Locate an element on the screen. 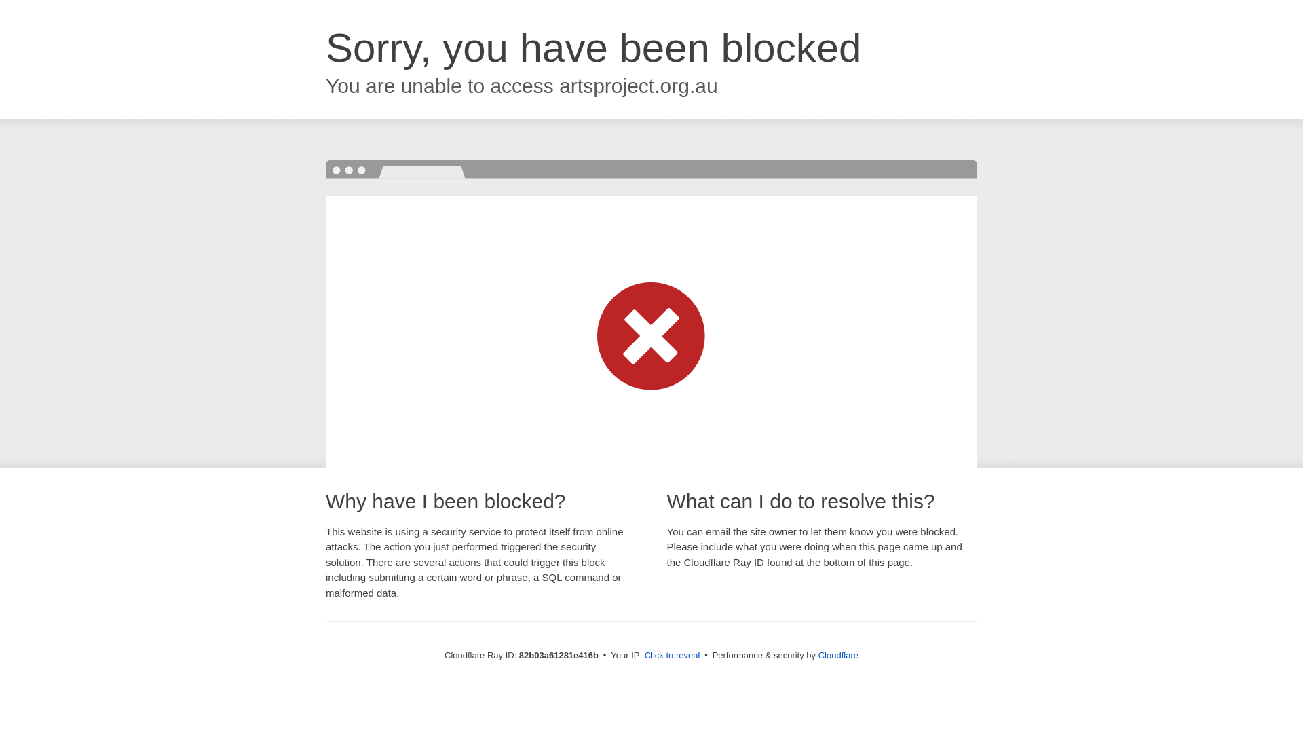  'Click to reveal' is located at coordinates (672, 654).